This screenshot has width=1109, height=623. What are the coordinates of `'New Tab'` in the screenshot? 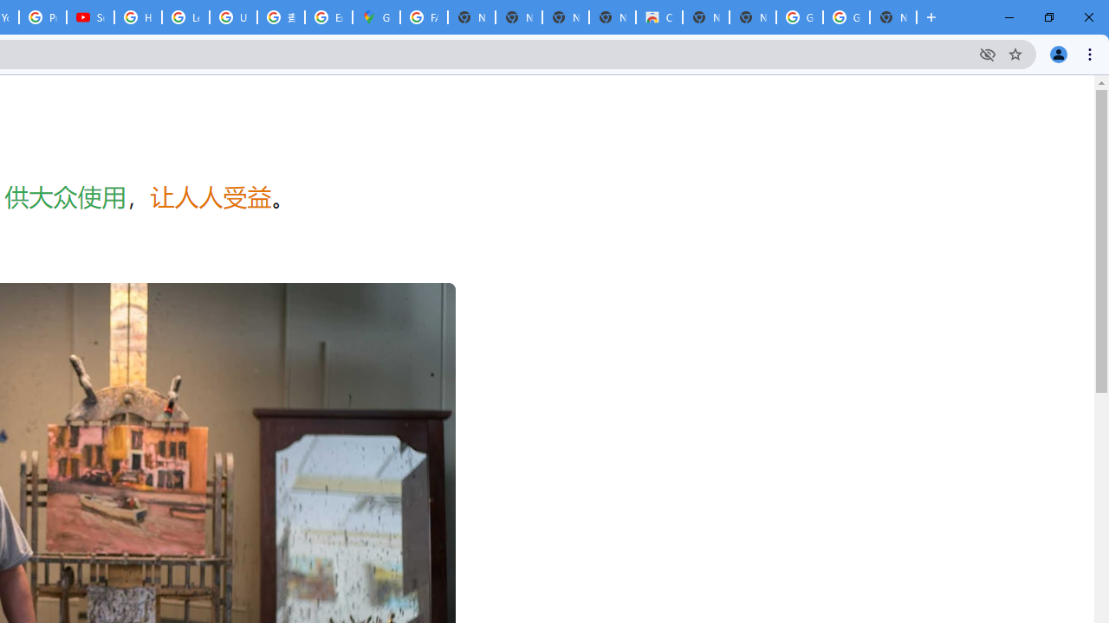 It's located at (893, 17).